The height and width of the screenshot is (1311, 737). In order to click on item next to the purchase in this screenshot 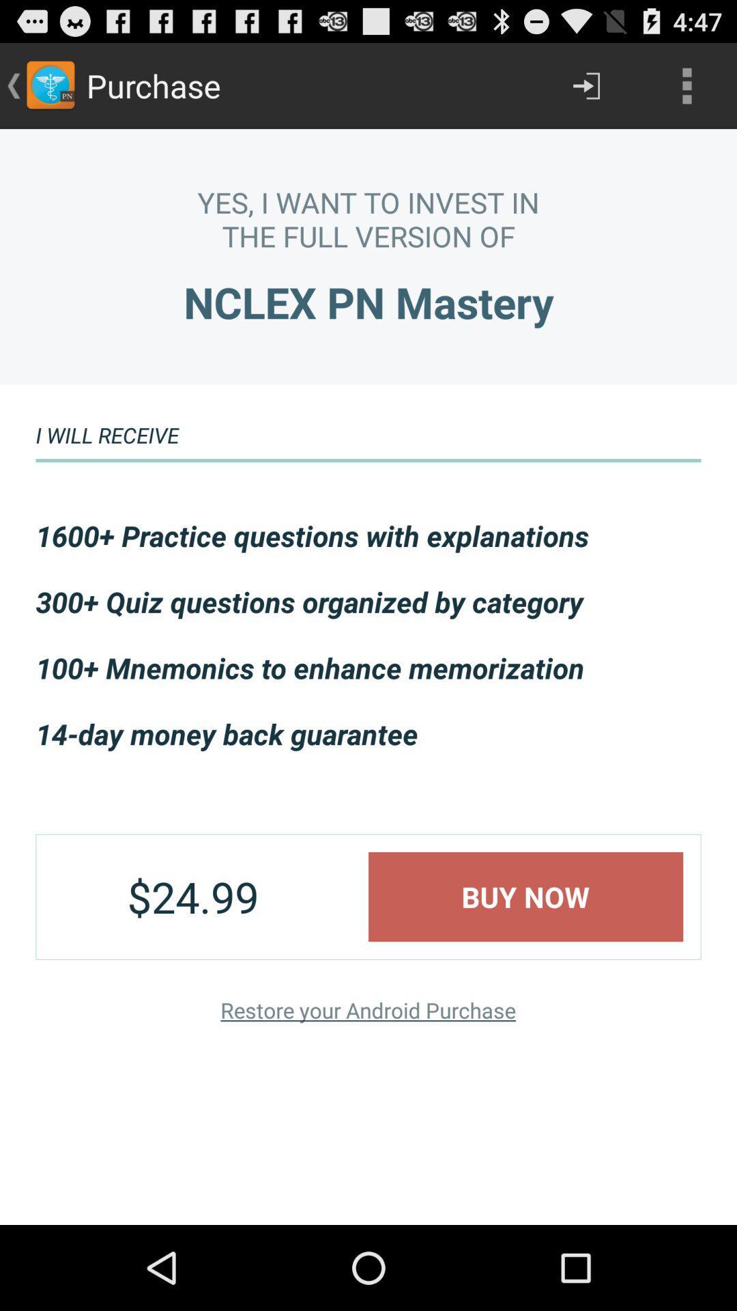, I will do `click(586, 85)`.